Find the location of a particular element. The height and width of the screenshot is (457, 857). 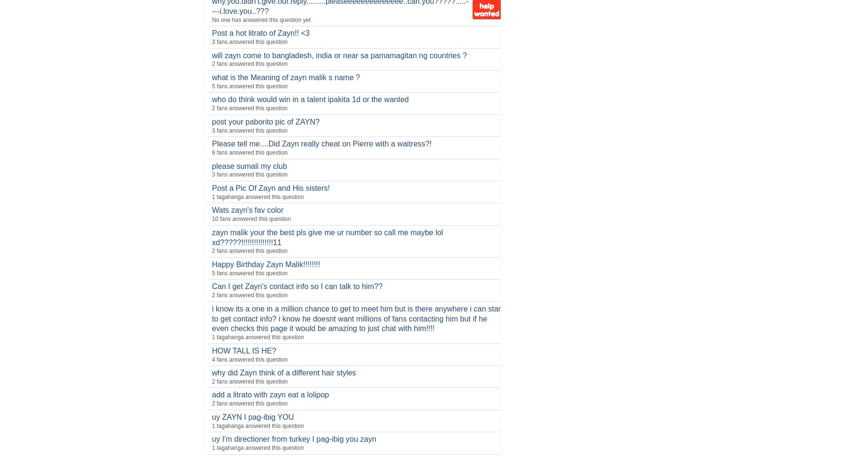

'10 fans answered this question' is located at coordinates (250, 218).